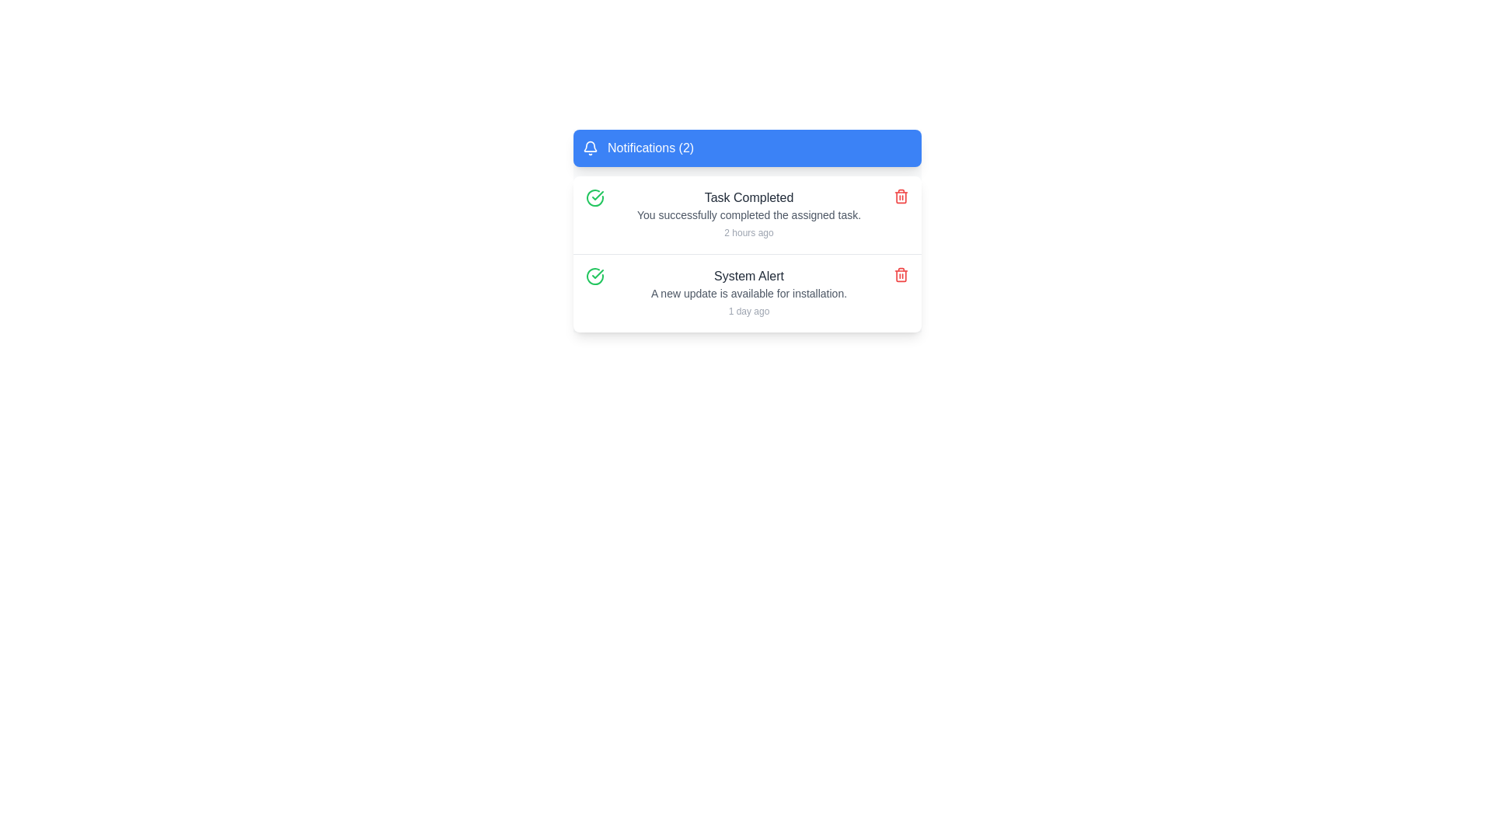 This screenshot has height=839, width=1492. What do you see at coordinates (901, 274) in the screenshot?
I see `the Trash/Delete icon located at the far right side of the second notification card labeled 'System Alert' to potentially reveal a tooltip` at bounding box center [901, 274].